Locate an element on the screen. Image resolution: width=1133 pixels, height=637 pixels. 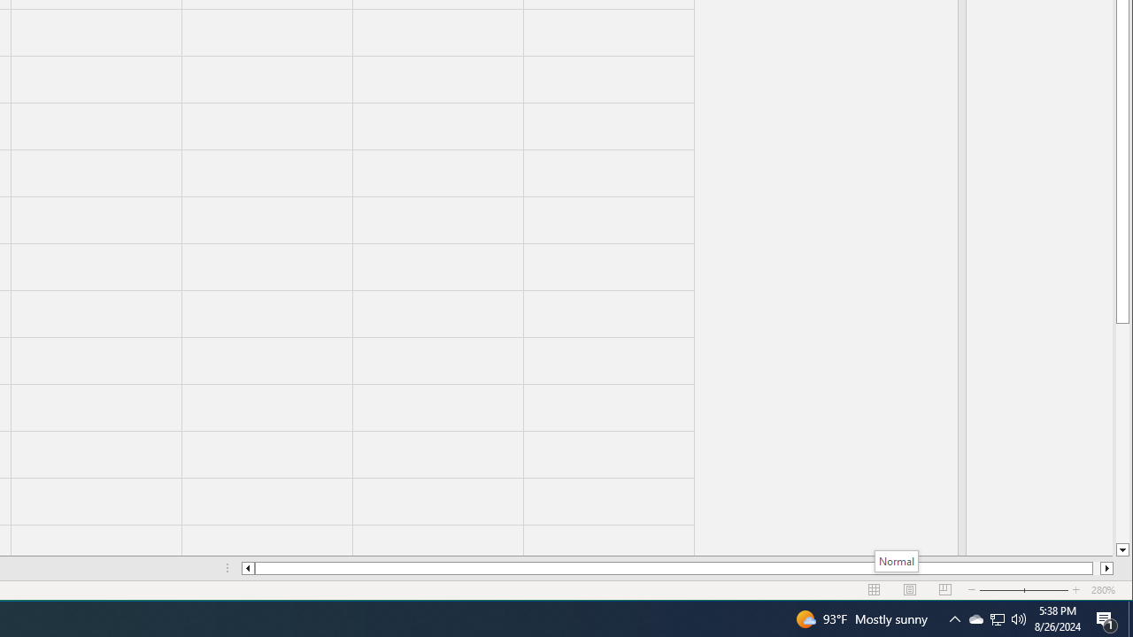
'Zoom' is located at coordinates (1024, 590).